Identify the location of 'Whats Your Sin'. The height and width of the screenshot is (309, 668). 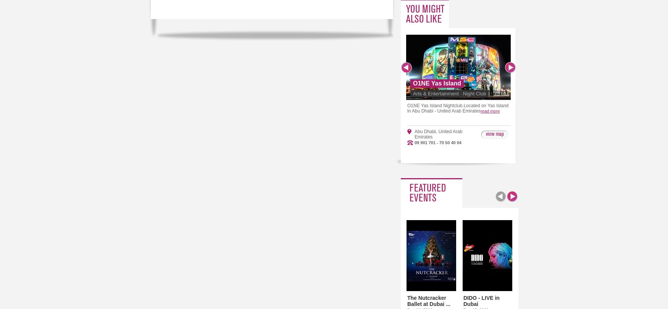
(639, 93).